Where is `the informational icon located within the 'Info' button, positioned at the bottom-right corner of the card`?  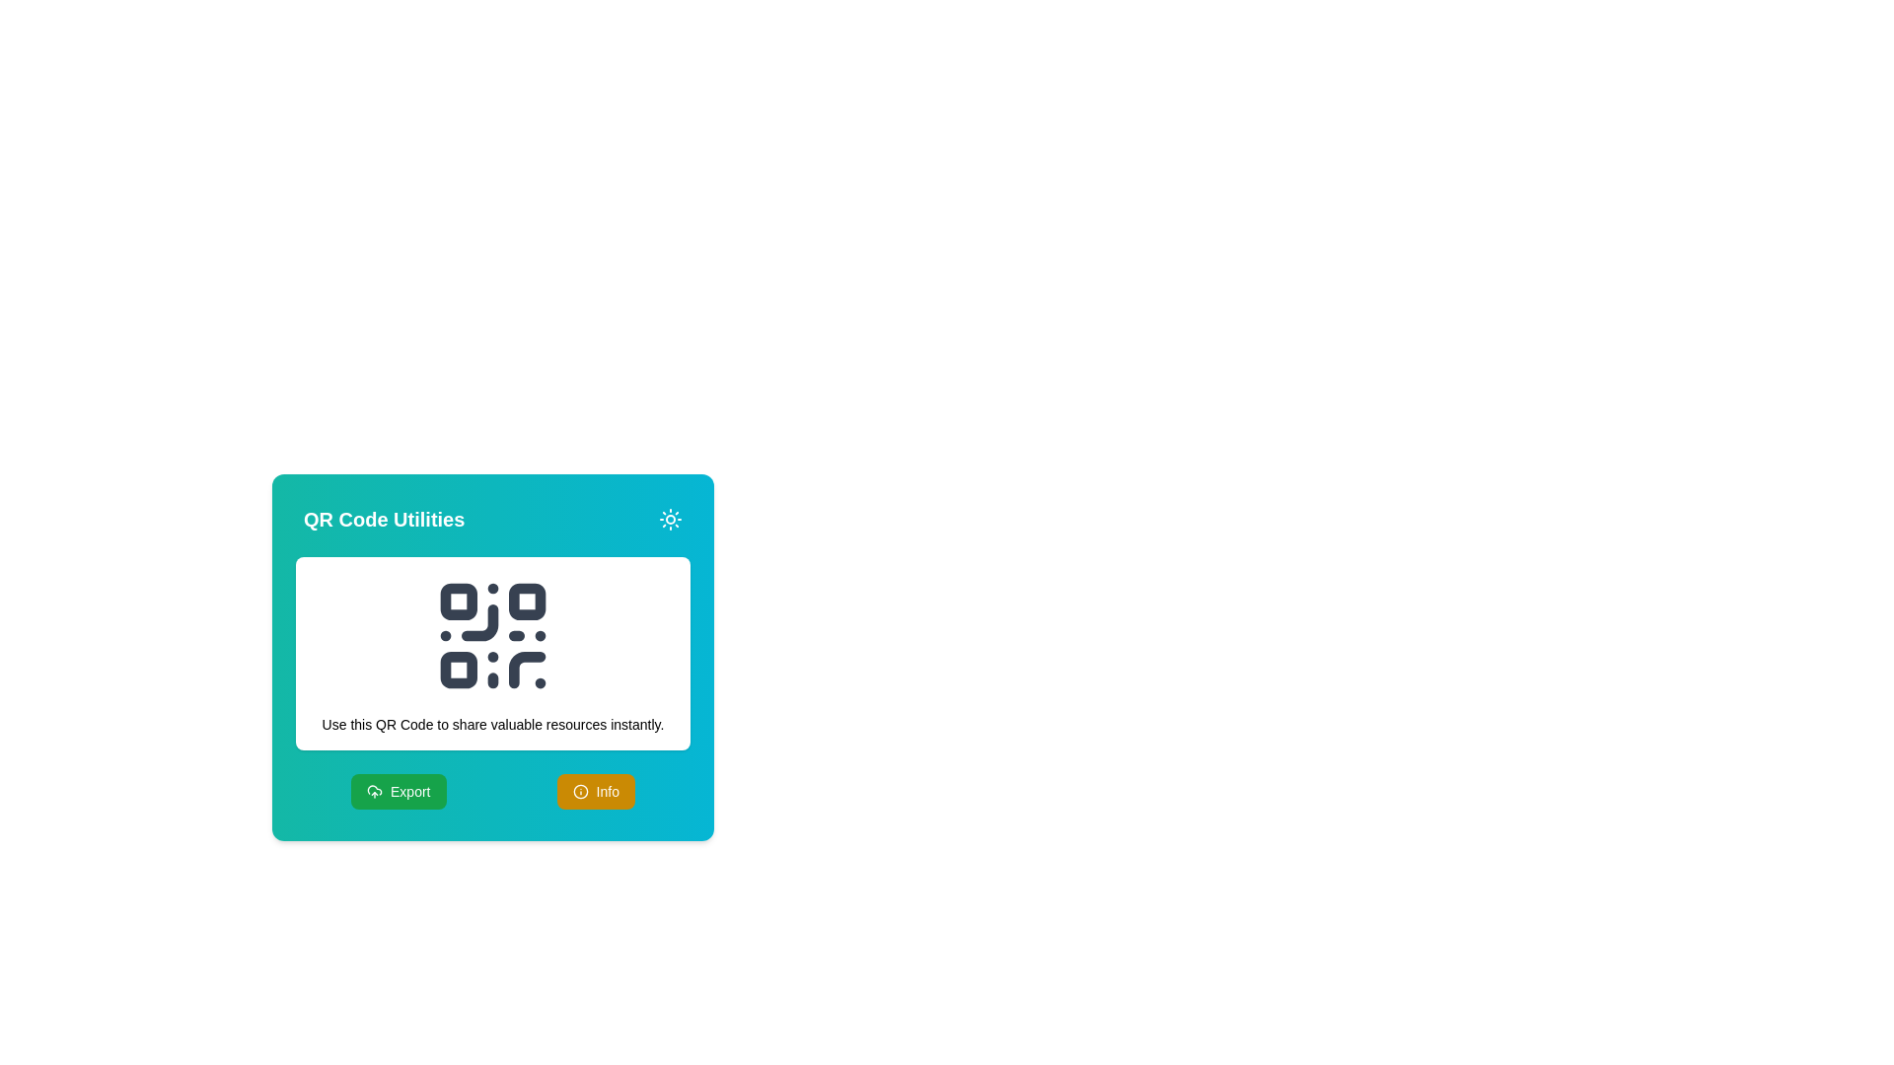
the informational icon located within the 'Info' button, positioned at the bottom-right corner of the card is located at coordinates (579, 790).